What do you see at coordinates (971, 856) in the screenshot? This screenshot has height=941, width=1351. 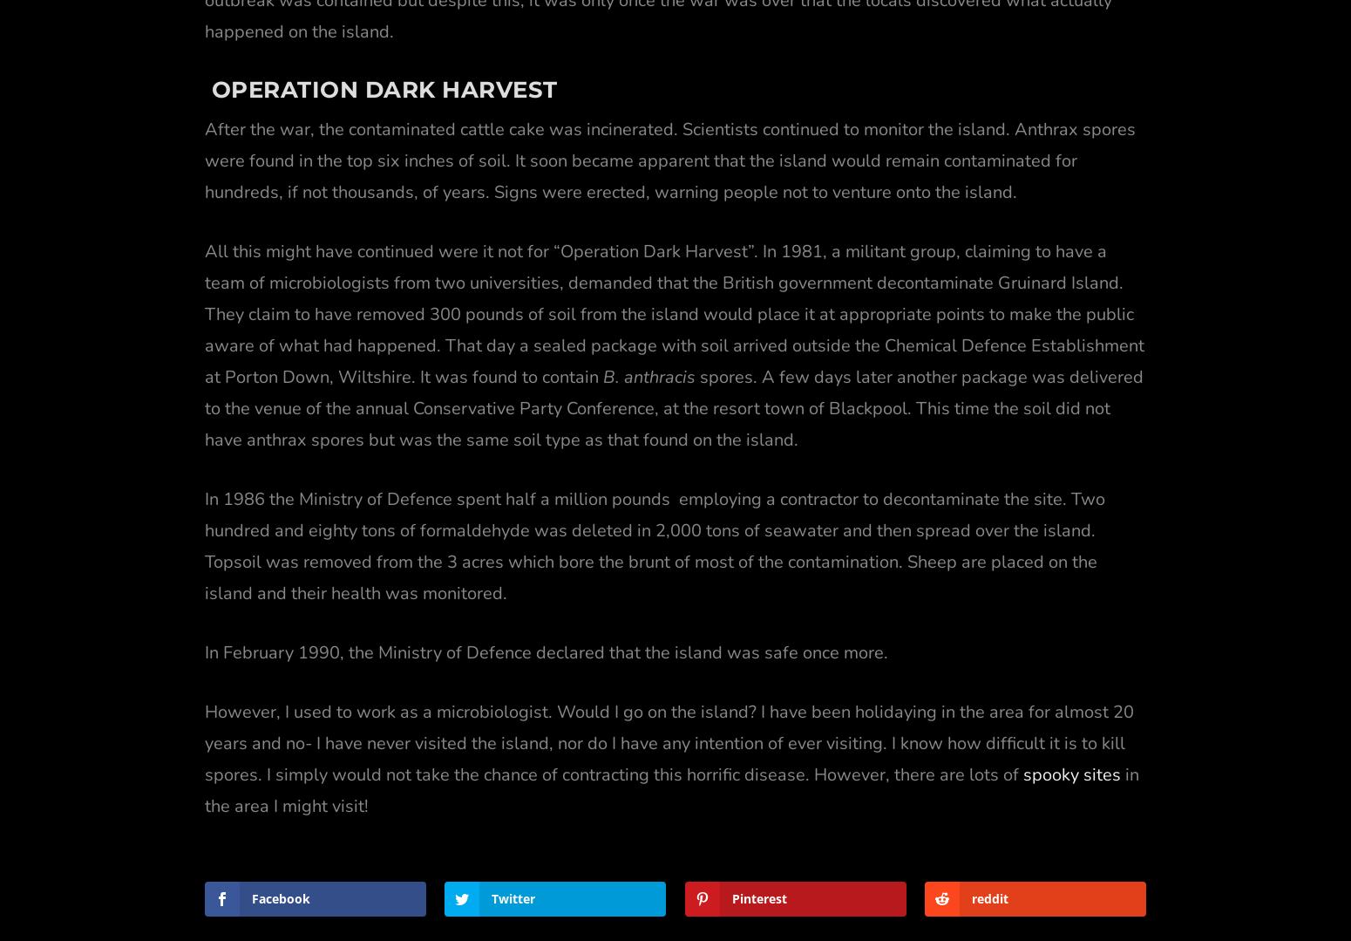 I see `'reddit'` at bounding box center [971, 856].